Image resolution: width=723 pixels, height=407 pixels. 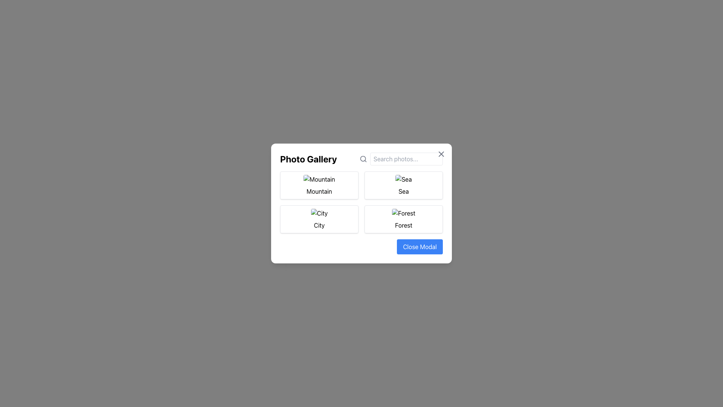 What do you see at coordinates (319, 191) in the screenshot?
I see `text label indicating that the image above it represents a mountain scene, located in the first column, first row of the grid layout in the 'Photo Gallery' modal` at bounding box center [319, 191].